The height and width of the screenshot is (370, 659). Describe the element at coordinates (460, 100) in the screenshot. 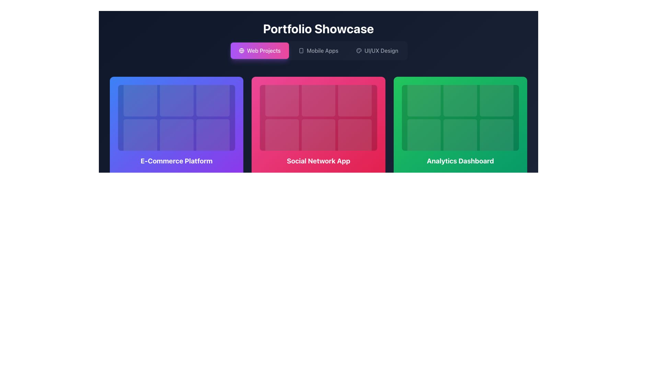

I see `the interactive placeholder card in the middle column of the first row within the 'Analytics Dashboard' section` at that location.